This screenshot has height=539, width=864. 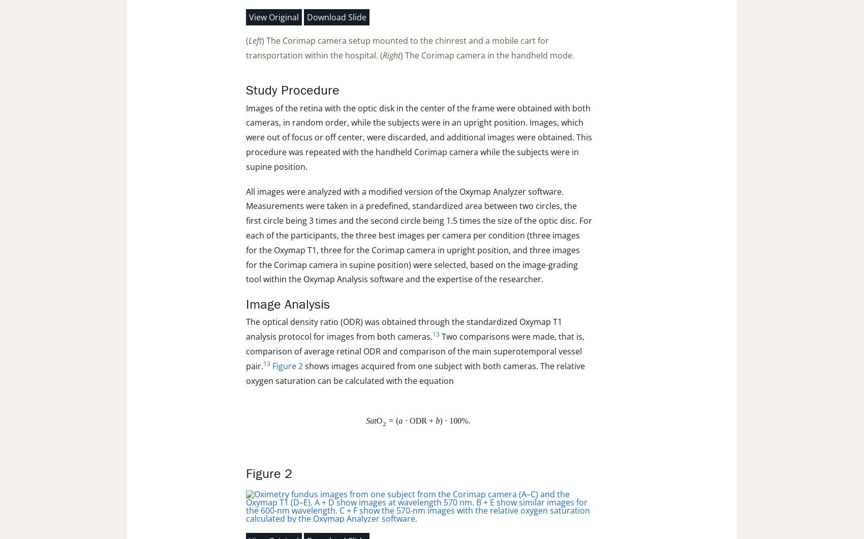 I want to click on 'Study Procedure', so click(x=292, y=89).